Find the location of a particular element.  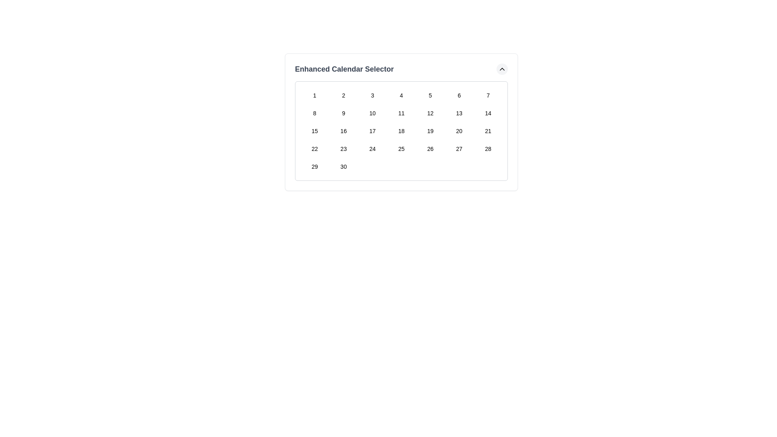

the button displaying the number '27' in the 'Enhanced Calendar Selector' grid is located at coordinates (459, 148).